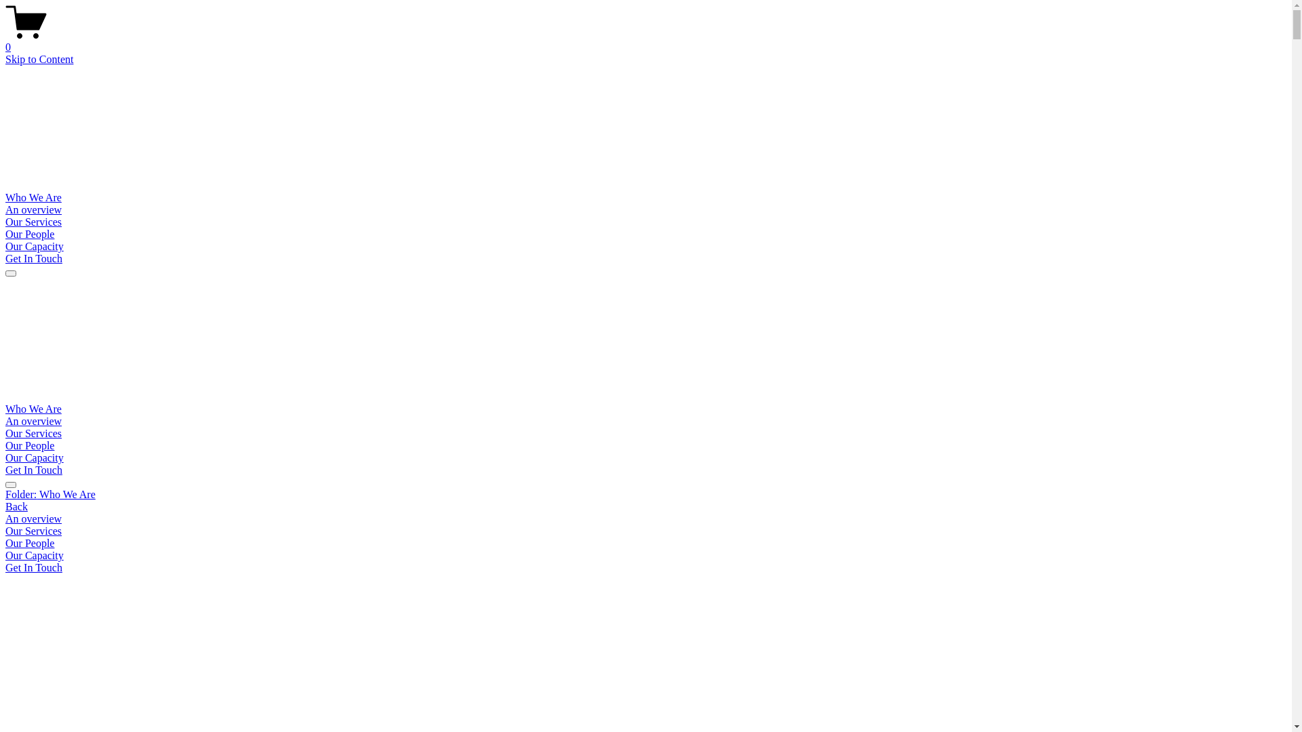  I want to click on 'Skip to Content', so click(5, 58).